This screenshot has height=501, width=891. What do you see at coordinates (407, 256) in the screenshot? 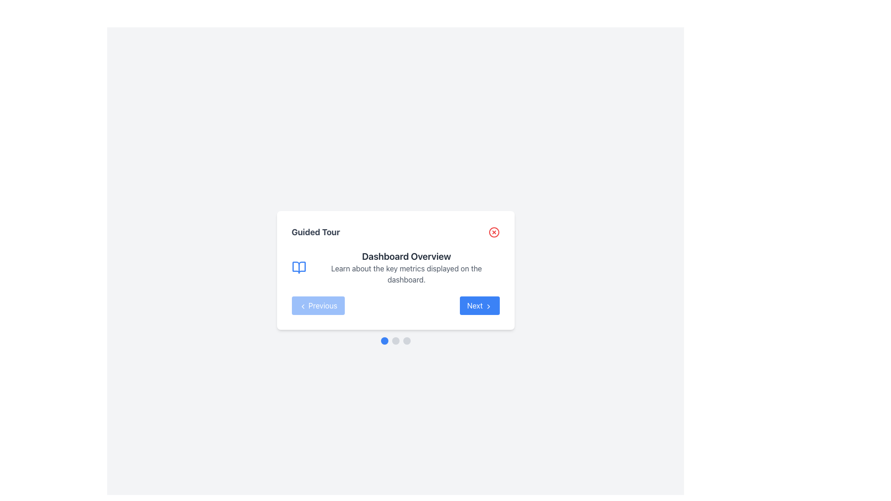
I see `the text label serving as a heading for the descriptive text within the central white dialog box on the pop-up interface` at bounding box center [407, 256].